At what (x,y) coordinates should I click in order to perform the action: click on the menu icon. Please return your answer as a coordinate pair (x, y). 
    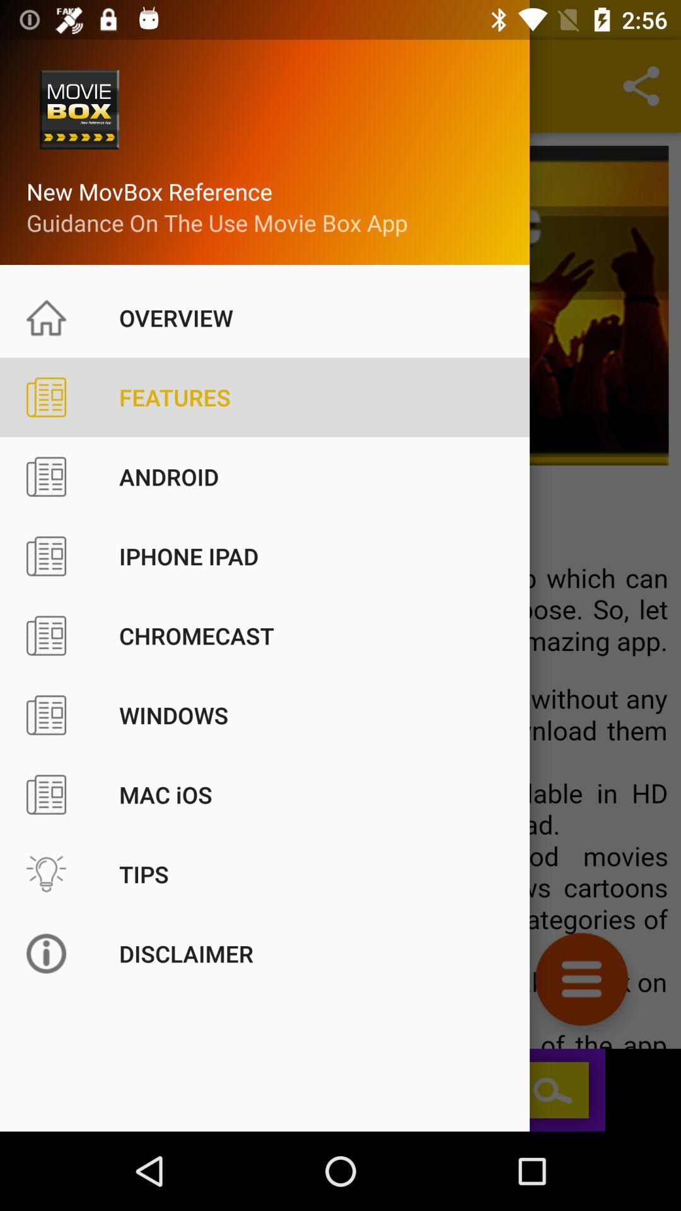
    Looking at the image, I should click on (581, 978).